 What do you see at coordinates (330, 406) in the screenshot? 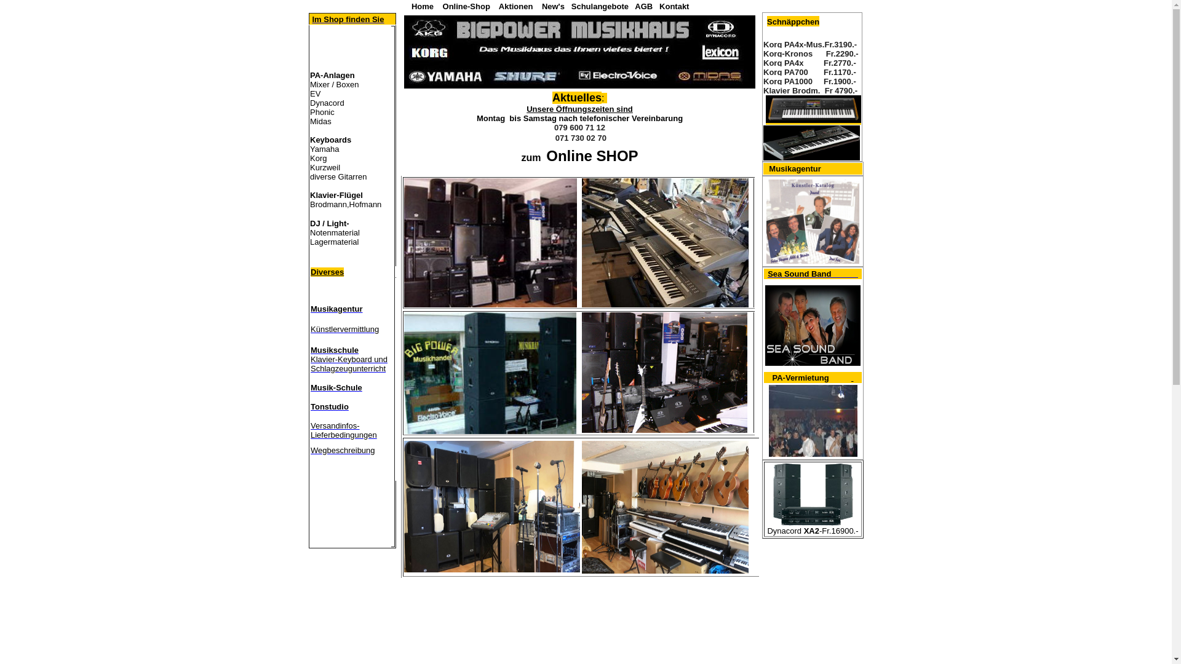
I see `'Tonstudio'` at bounding box center [330, 406].